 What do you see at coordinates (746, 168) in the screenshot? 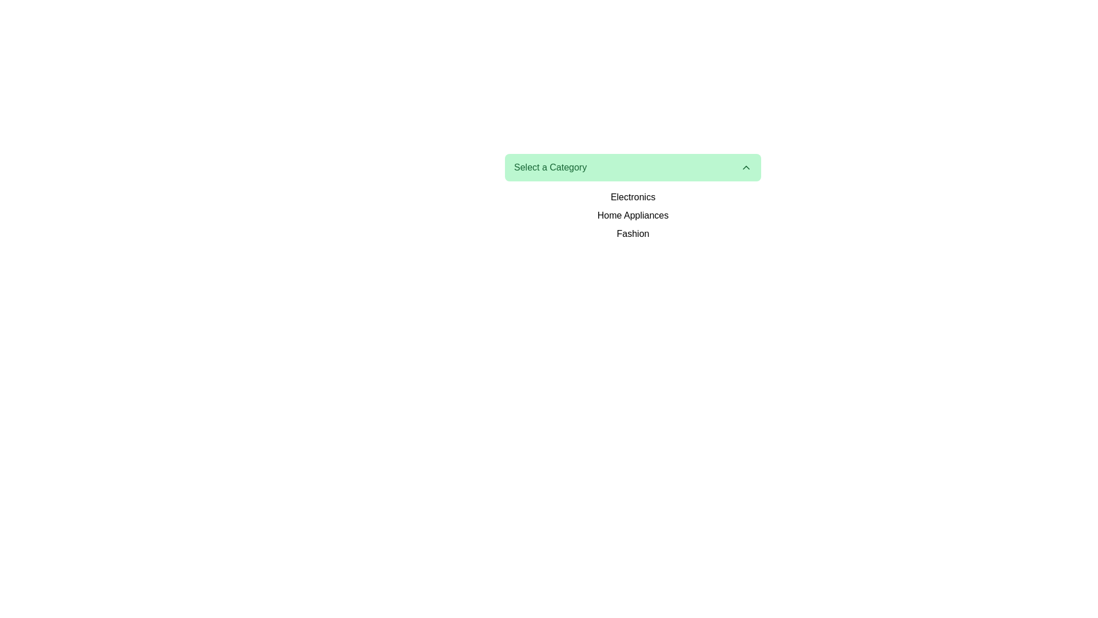
I see `the upward-facing chevron icon, which is green and located at the end of the 'Select a Category' header bar` at bounding box center [746, 168].